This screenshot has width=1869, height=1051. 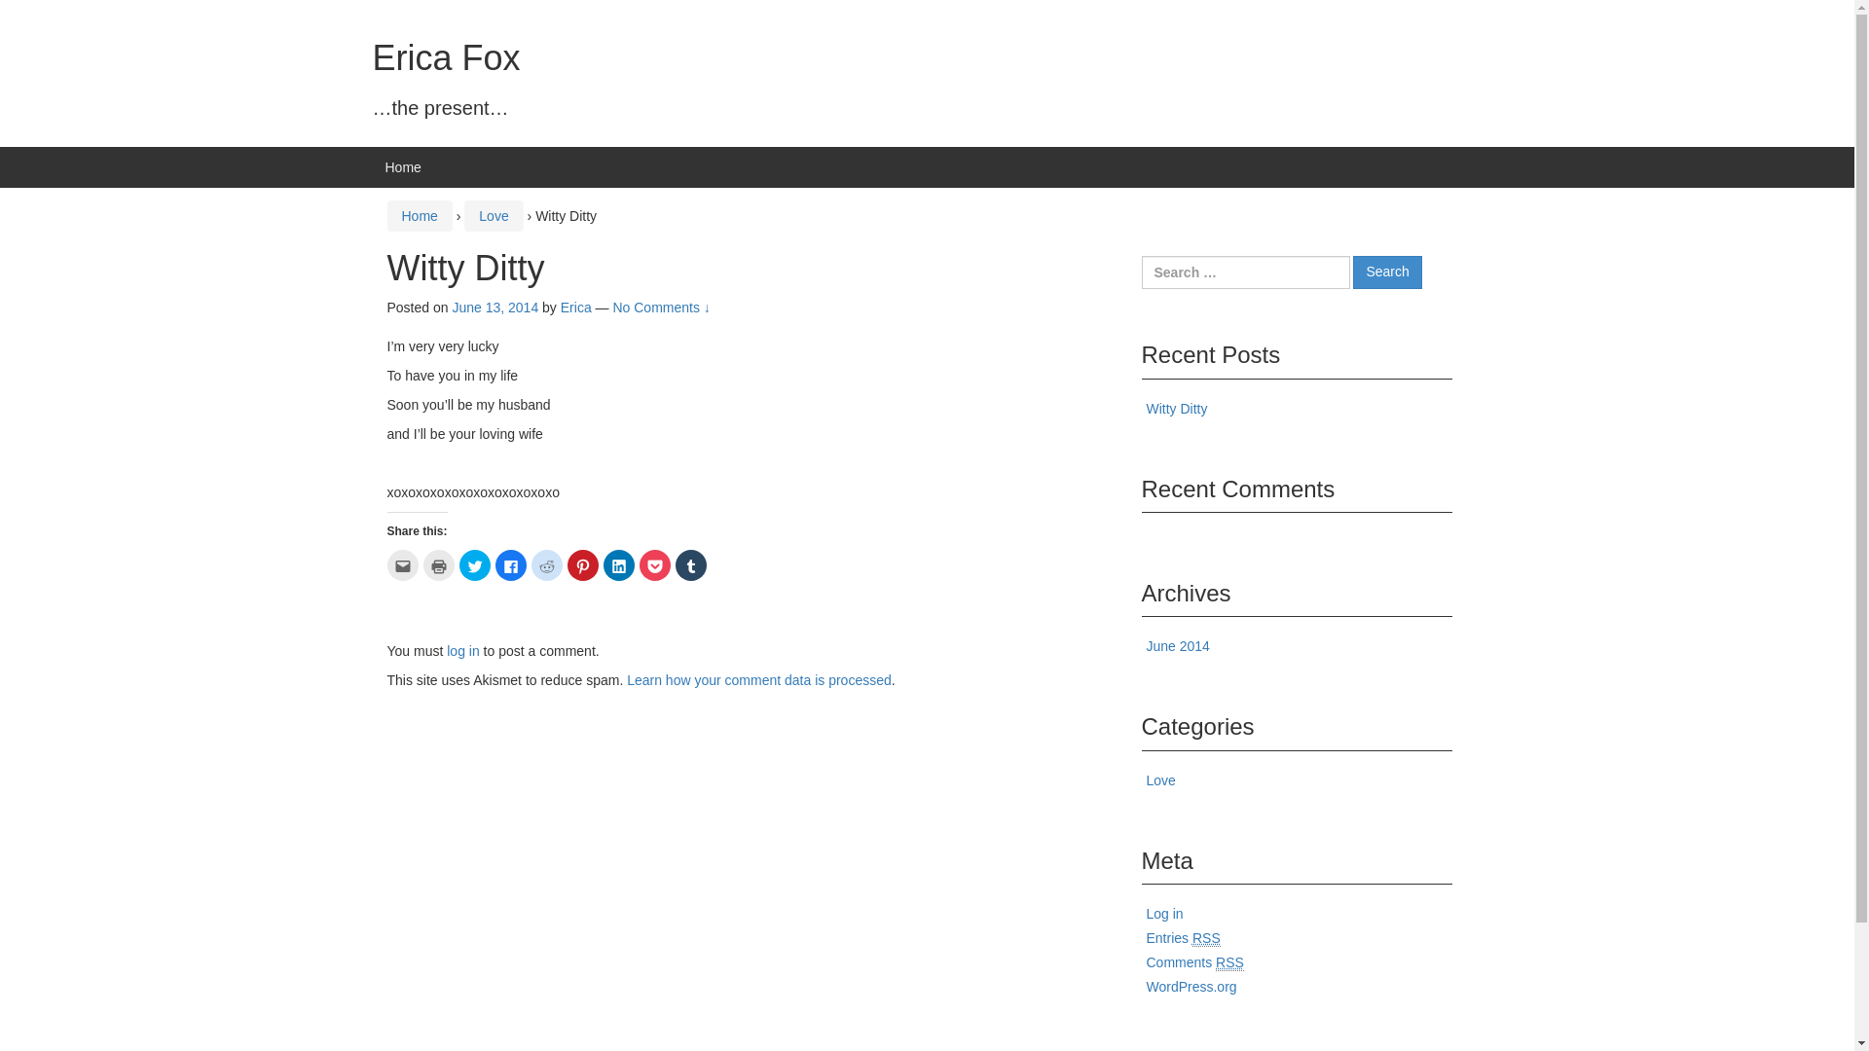 What do you see at coordinates (401, 565) in the screenshot?
I see `'Click to email this to a friend (Opens in new window)'` at bounding box center [401, 565].